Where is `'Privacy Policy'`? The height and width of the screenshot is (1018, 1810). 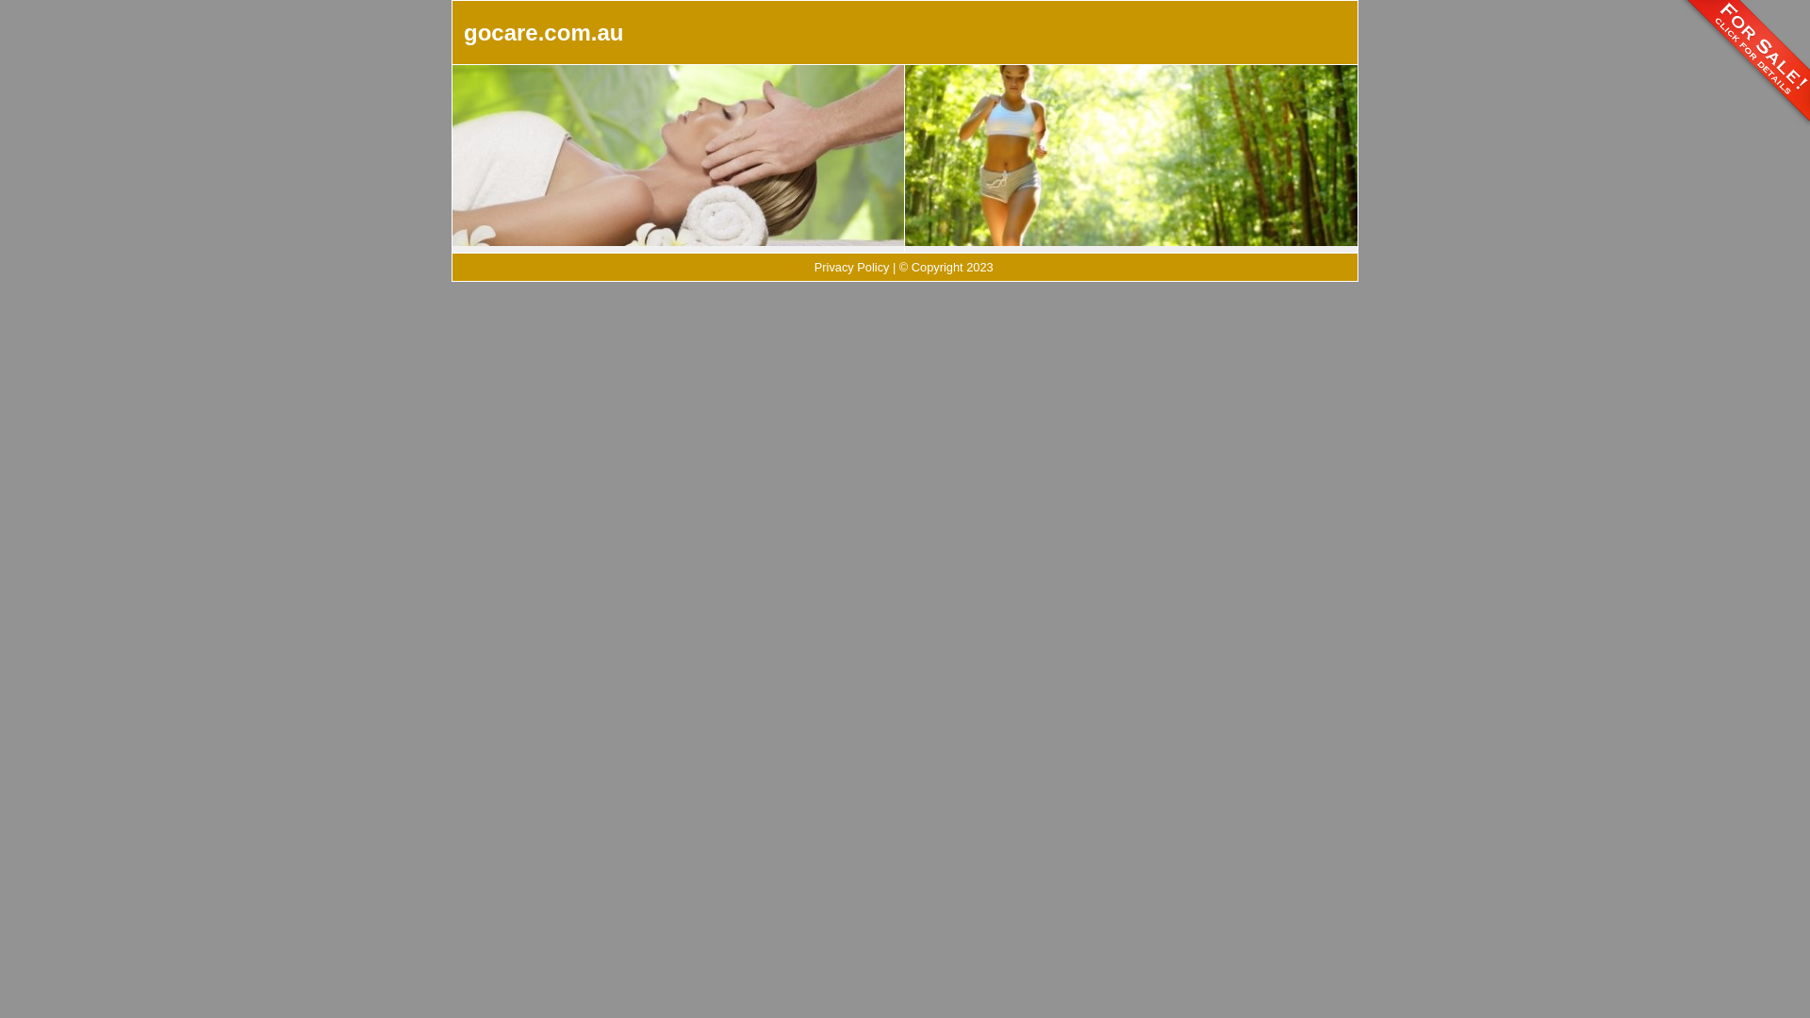 'Privacy Policy' is located at coordinates (850, 267).